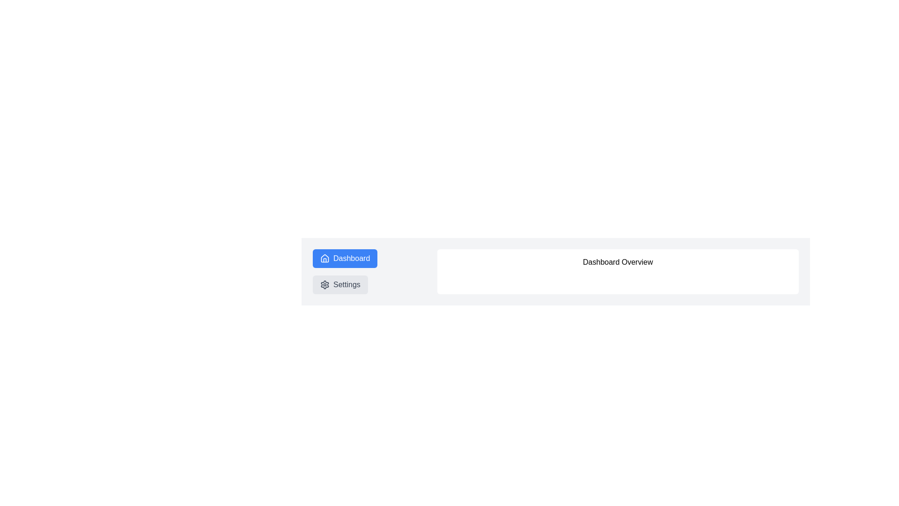 Image resolution: width=899 pixels, height=506 pixels. Describe the element at coordinates (351, 258) in the screenshot. I see `text label displaying 'Dashboard' in white font, which is prominently styled within a blue rounded rectangle, located in the upper-left section of the interface next to a house-shaped icon` at that location.